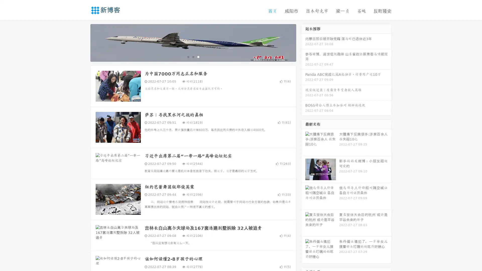 The width and height of the screenshot is (482, 271). What do you see at coordinates (188, 56) in the screenshot?
I see `Go to slide 1` at bounding box center [188, 56].